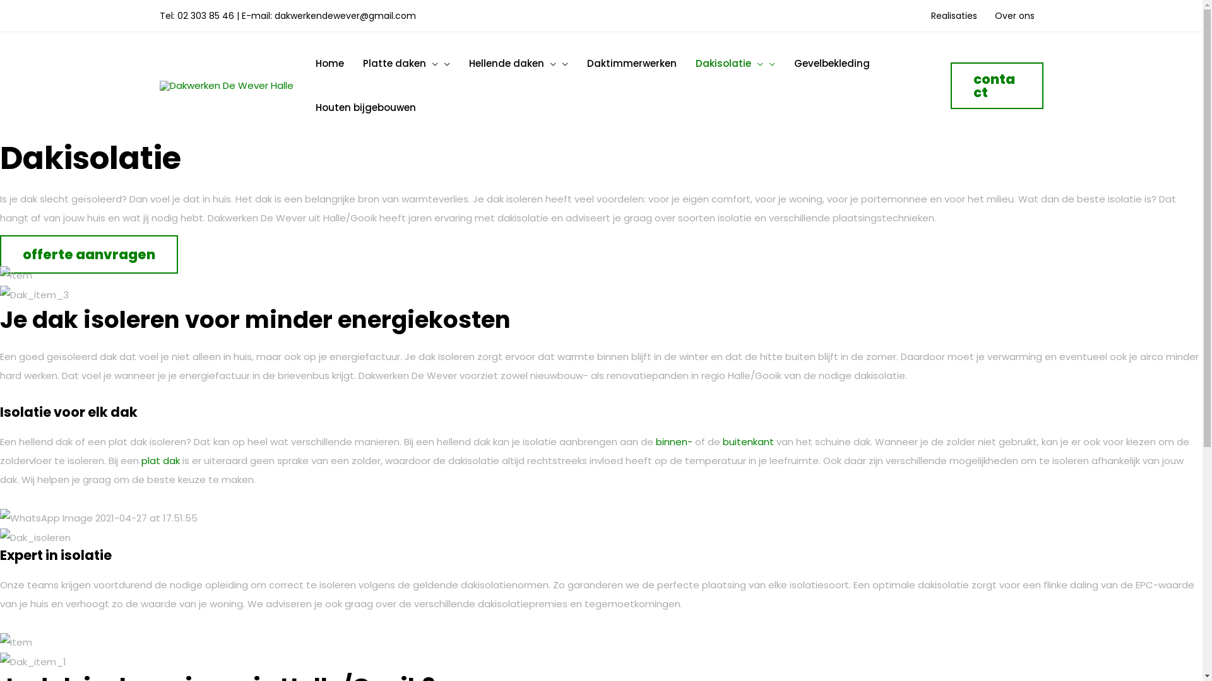 This screenshot has width=1212, height=681. I want to click on 'Hellende daken', so click(518, 63).